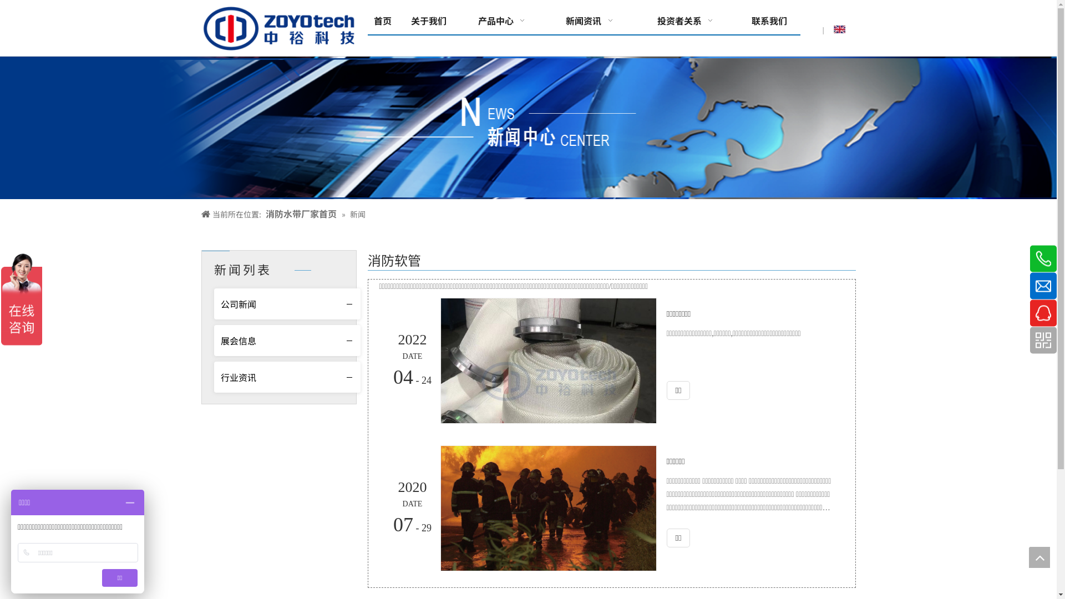  What do you see at coordinates (1038, 557) in the screenshot?
I see `'top'` at bounding box center [1038, 557].